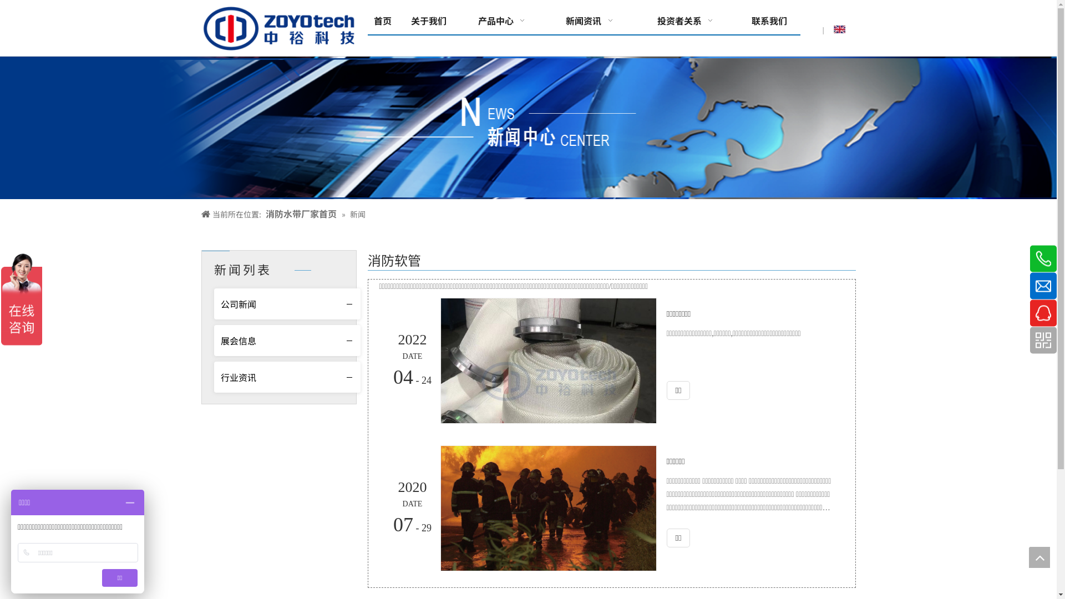  What do you see at coordinates (1038, 557) in the screenshot?
I see `'top'` at bounding box center [1038, 557].